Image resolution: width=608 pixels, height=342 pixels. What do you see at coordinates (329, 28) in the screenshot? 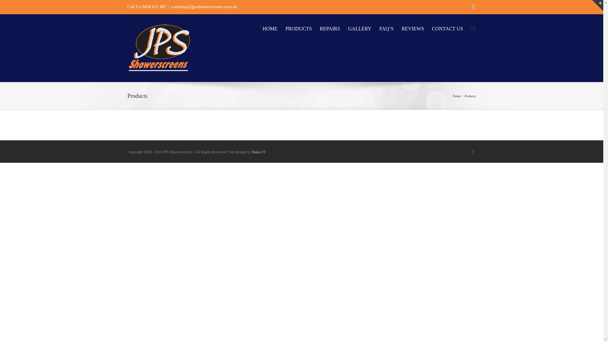
I see `'REPAIRS'` at bounding box center [329, 28].